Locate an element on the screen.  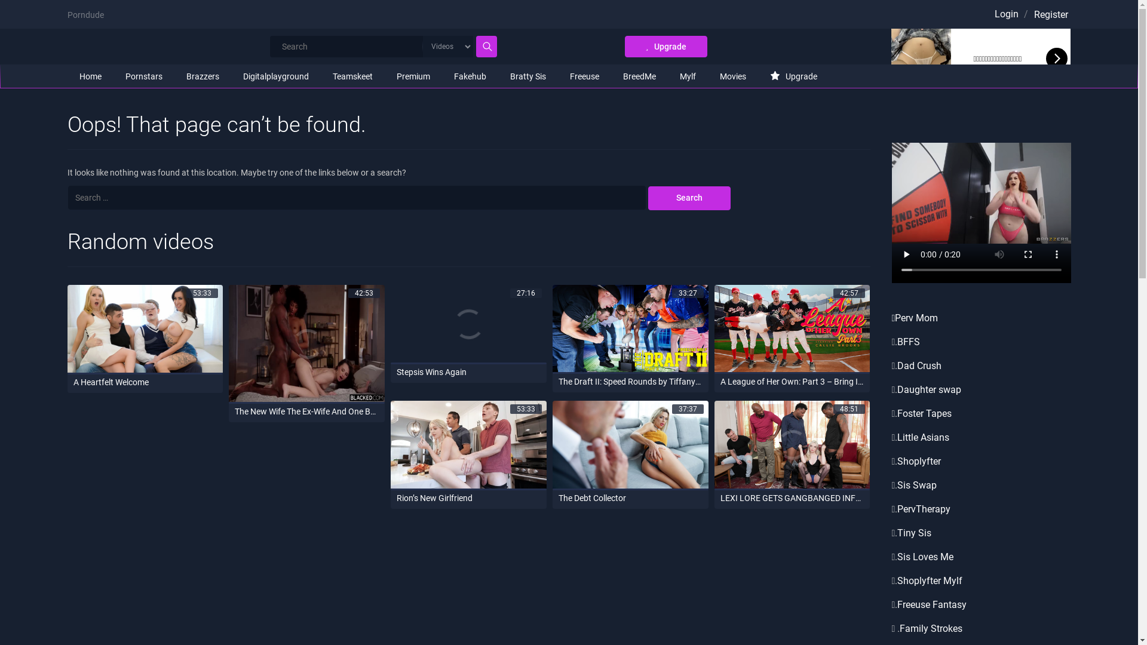
'Teamskeet' is located at coordinates (351, 76).